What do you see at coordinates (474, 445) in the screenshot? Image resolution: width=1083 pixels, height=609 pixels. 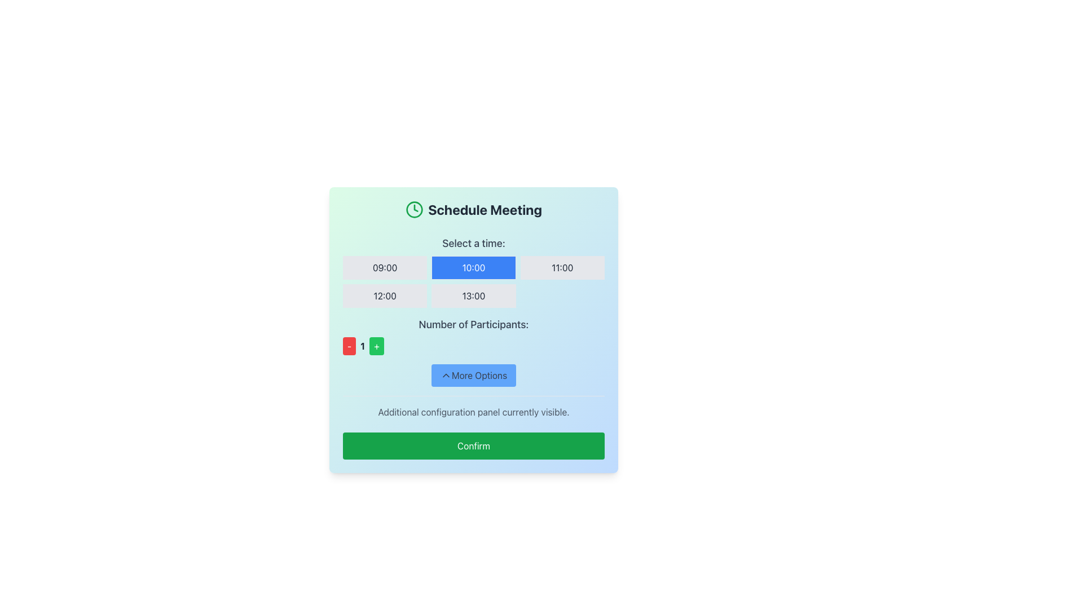 I see `the 'Confirm' button with a green background and white bold text located at the bottom-center of the 'Schedule Meeting' modal` at bounding box center [474, 445].